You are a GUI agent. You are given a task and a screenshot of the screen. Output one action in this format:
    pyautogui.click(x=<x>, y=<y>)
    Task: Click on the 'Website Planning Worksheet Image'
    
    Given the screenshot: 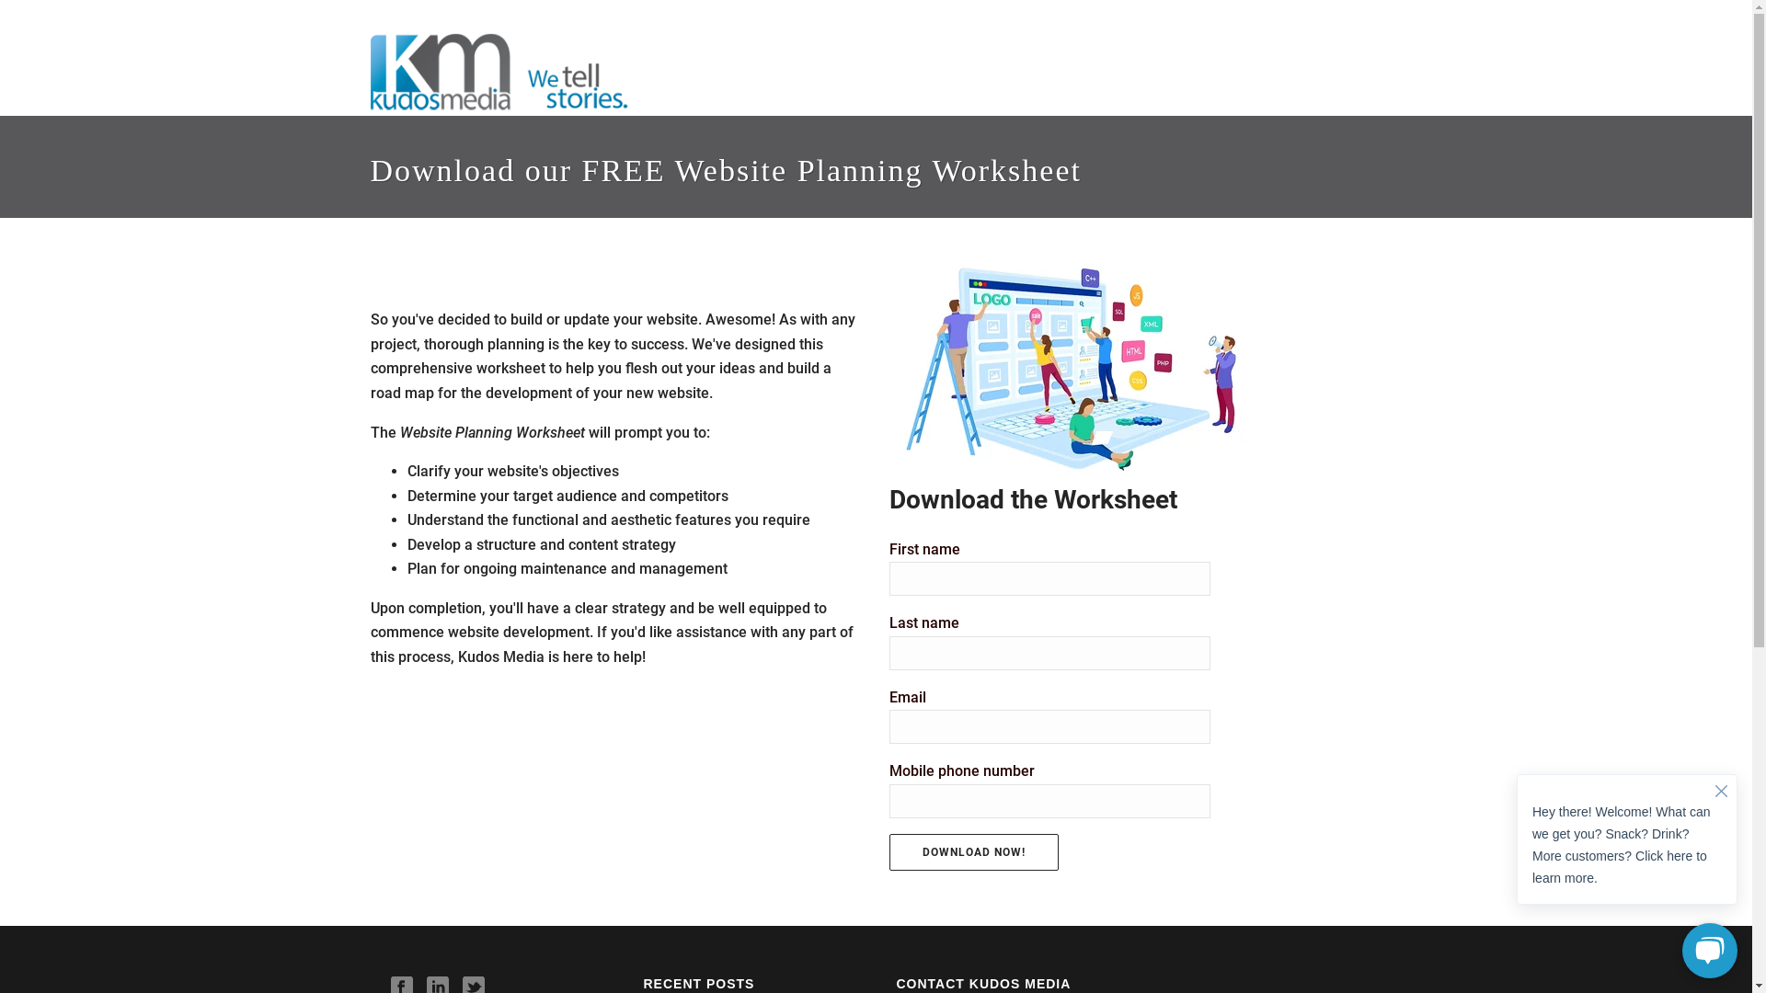 What is the action you would take?
    pyautogui.click(x=889, y=369)
    